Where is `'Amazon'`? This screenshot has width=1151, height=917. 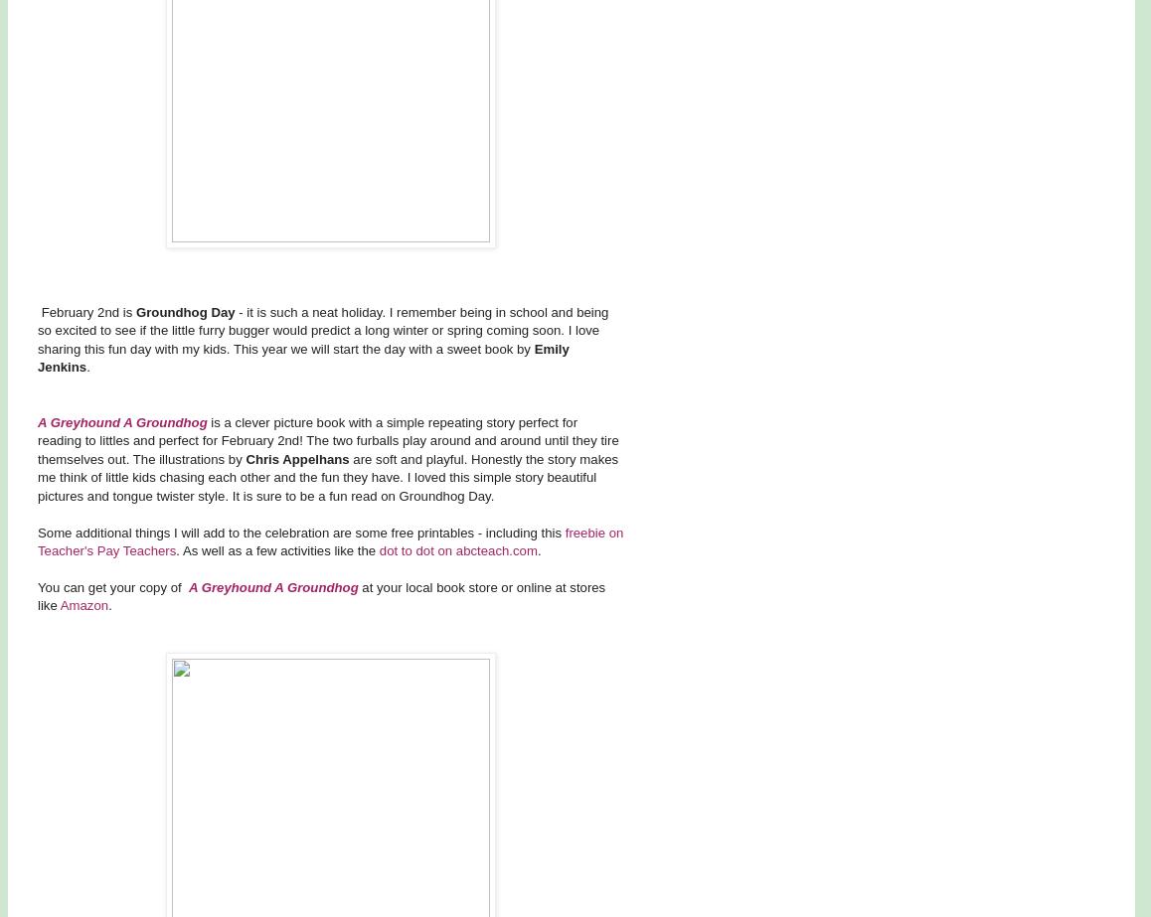
'Amazon' is located at coordinates (83, 604).